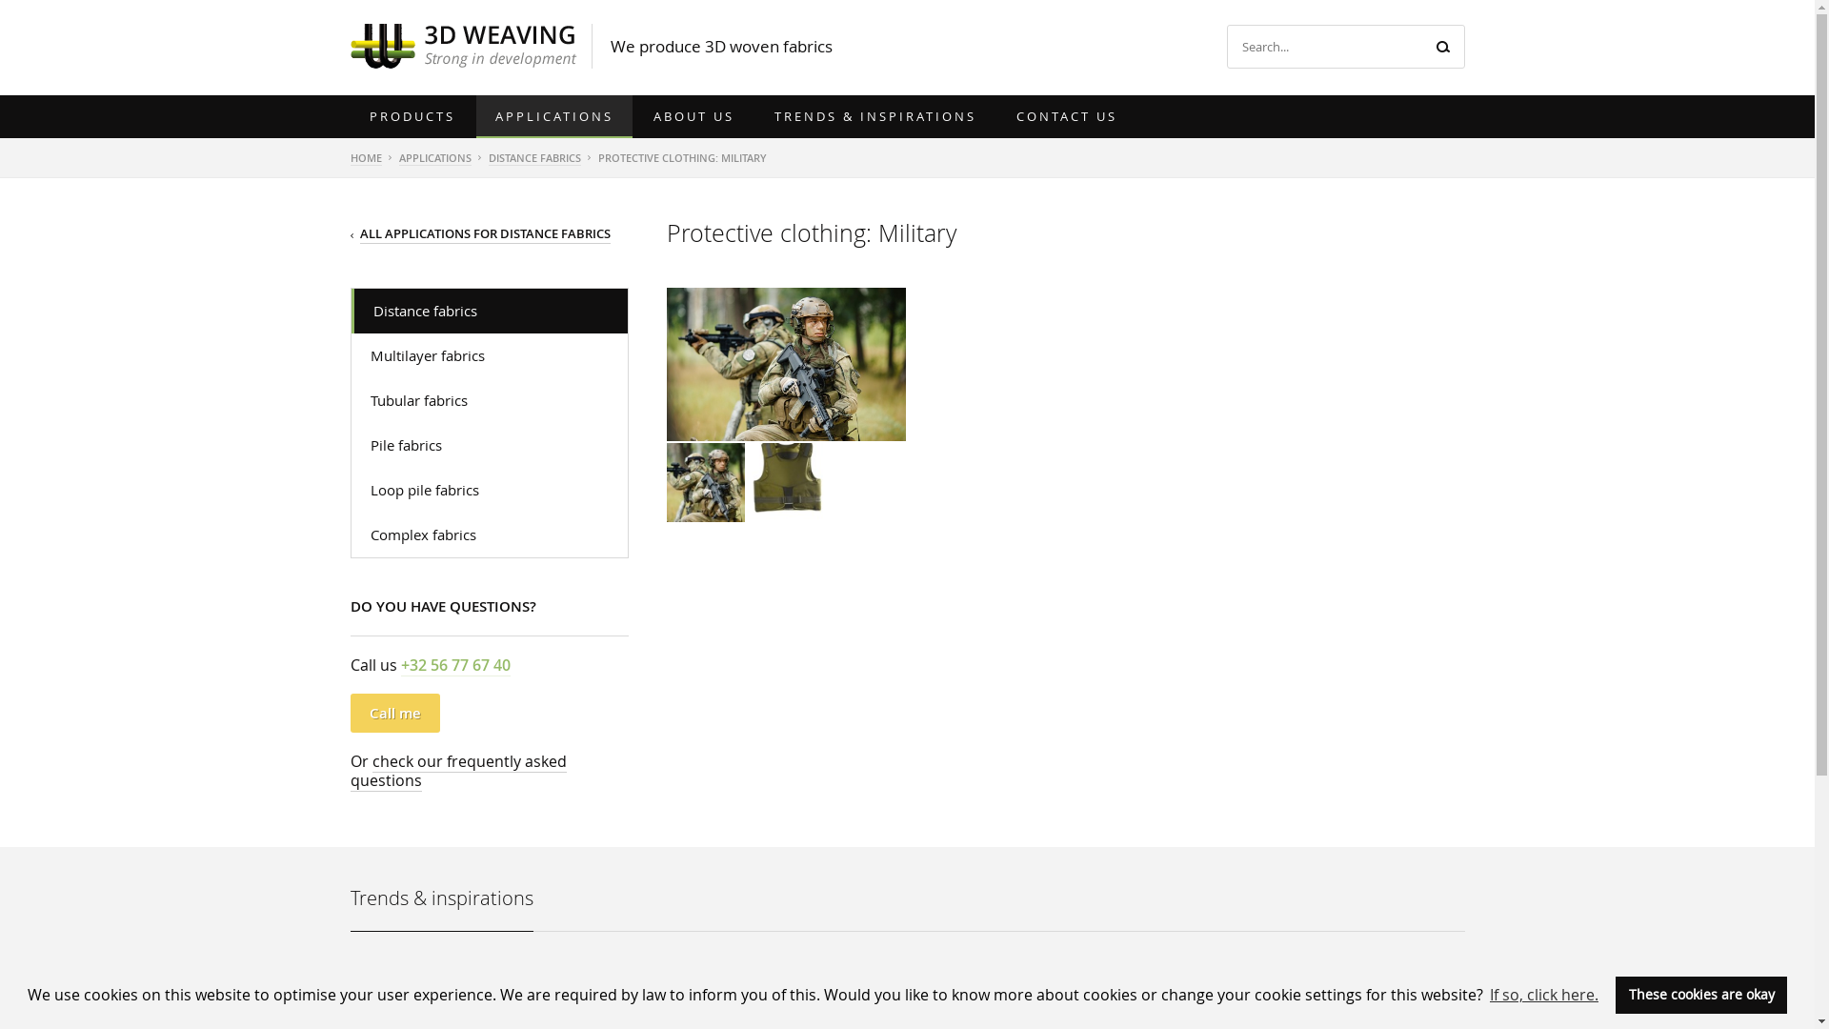 The image size is (1829, 1029). I want to click on 'If so, click here.', so click(1544, 994).